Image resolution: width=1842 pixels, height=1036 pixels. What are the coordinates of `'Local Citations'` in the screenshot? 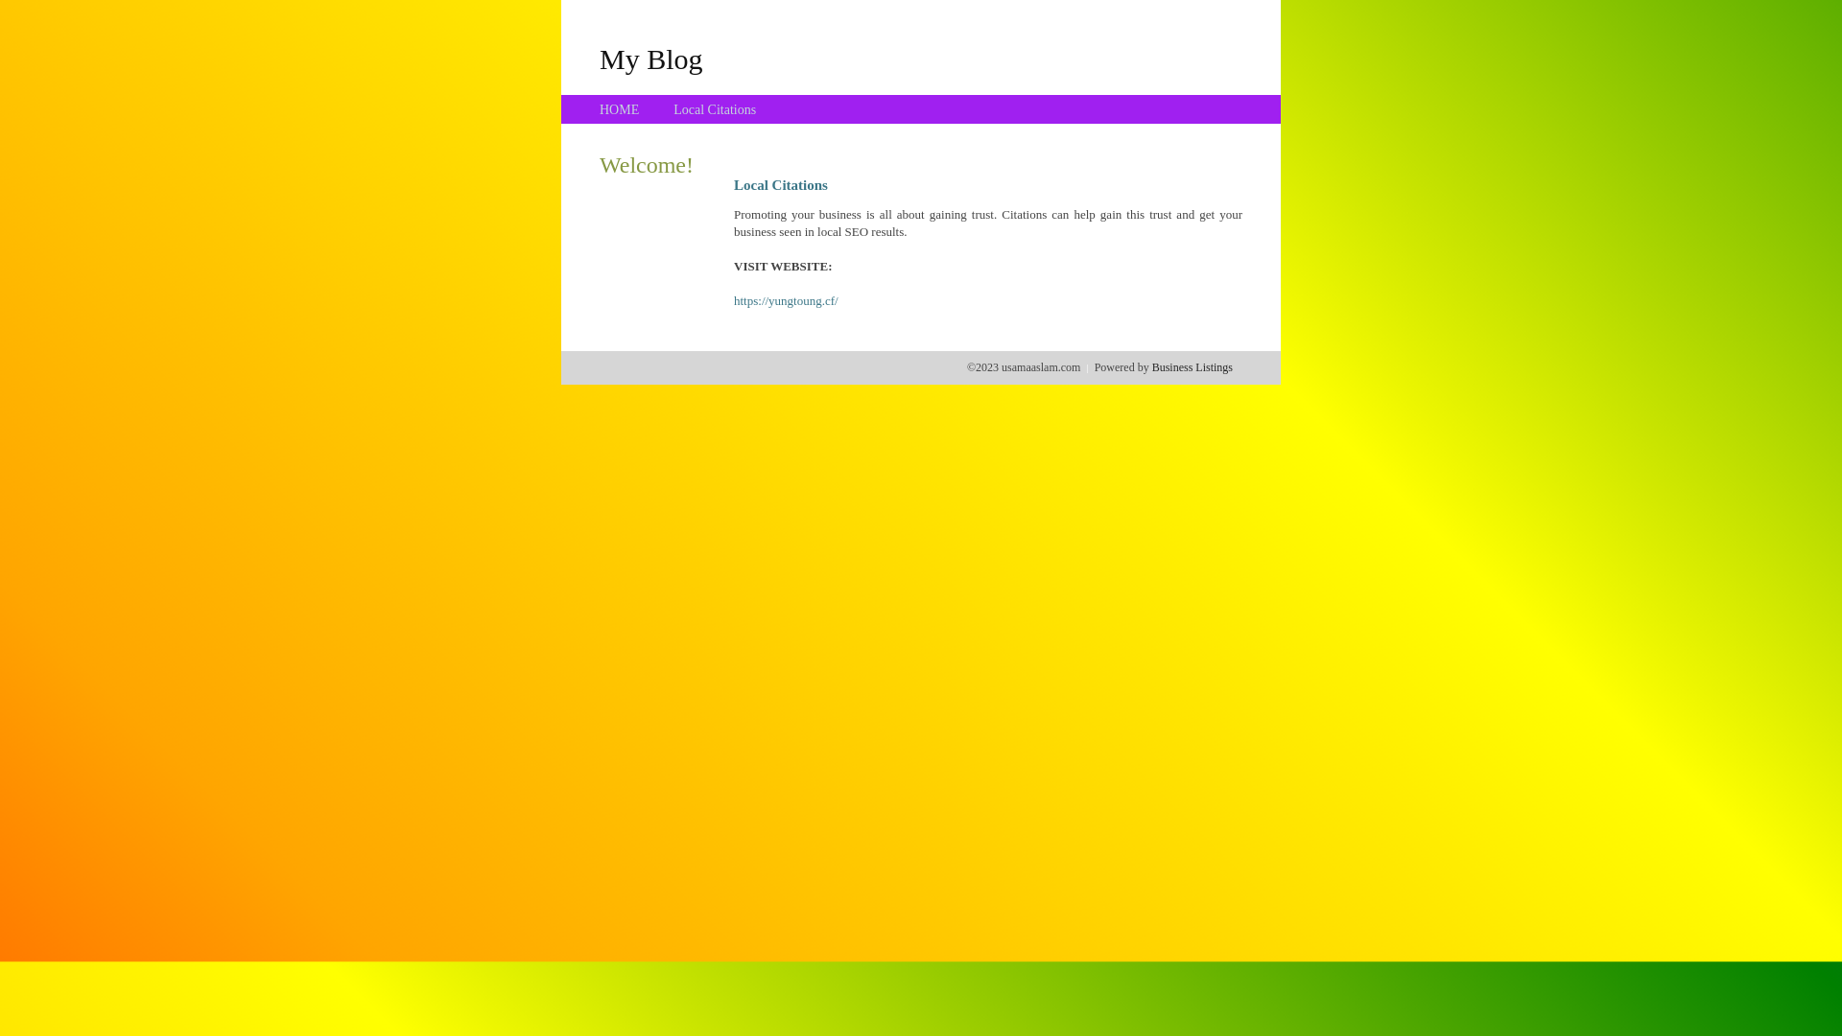 It's located at (673, 109).